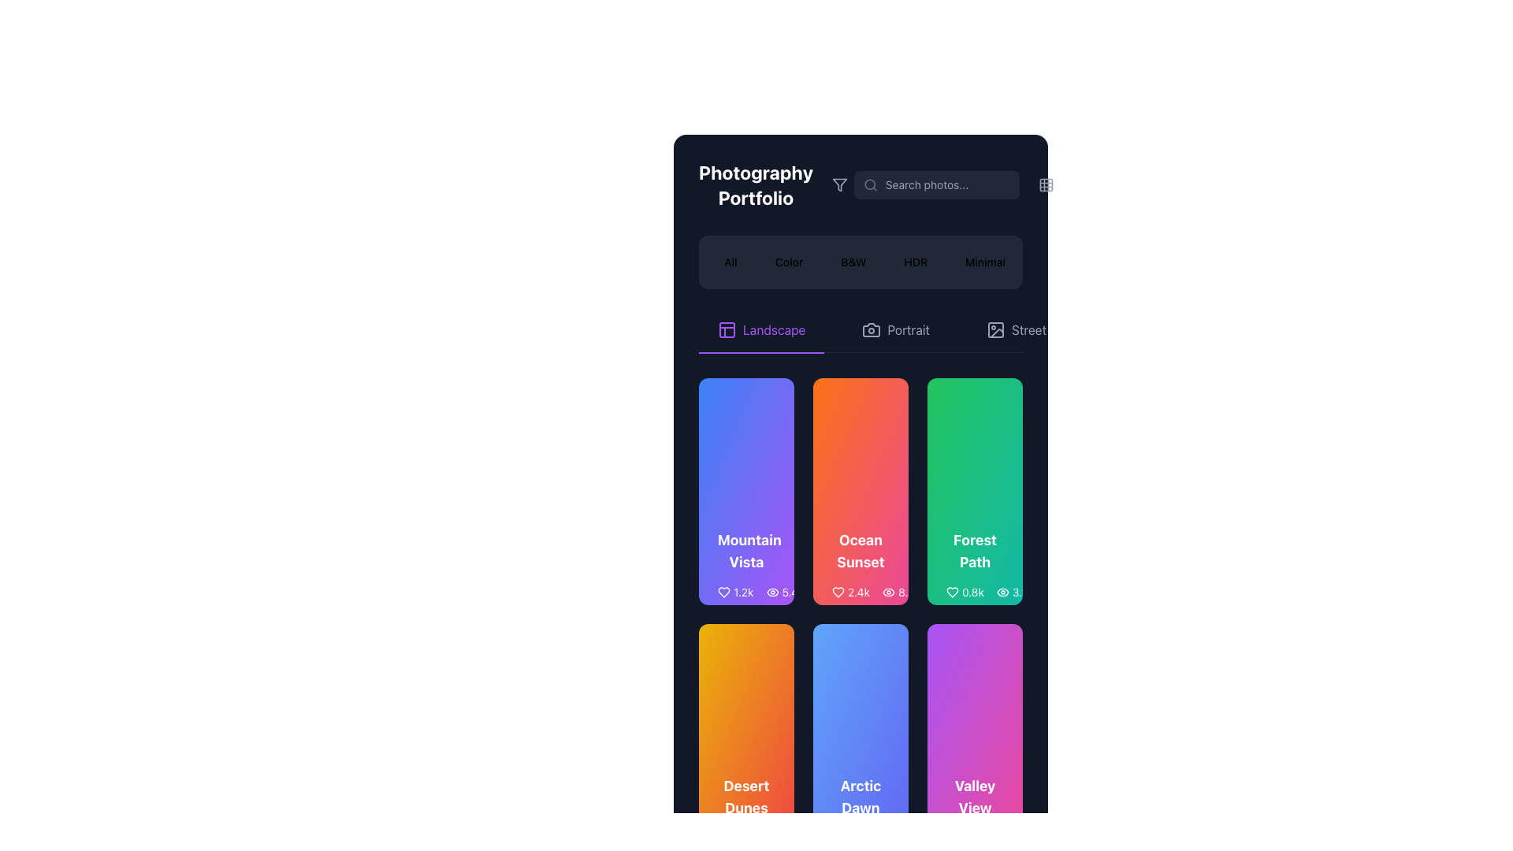  I want to click on the view toggle button located in the top-right corner of the interface to change the view layout, so click(1046, 184).